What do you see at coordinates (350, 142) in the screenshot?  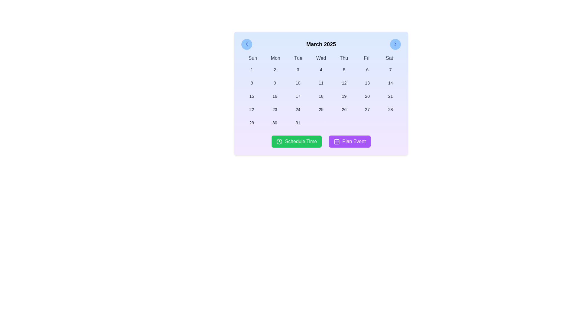 I see `the rectangular button with a purple background and white text reading 'Plan Event', located at the bottom center of the calendar interface` at bounding box center [350, 142].